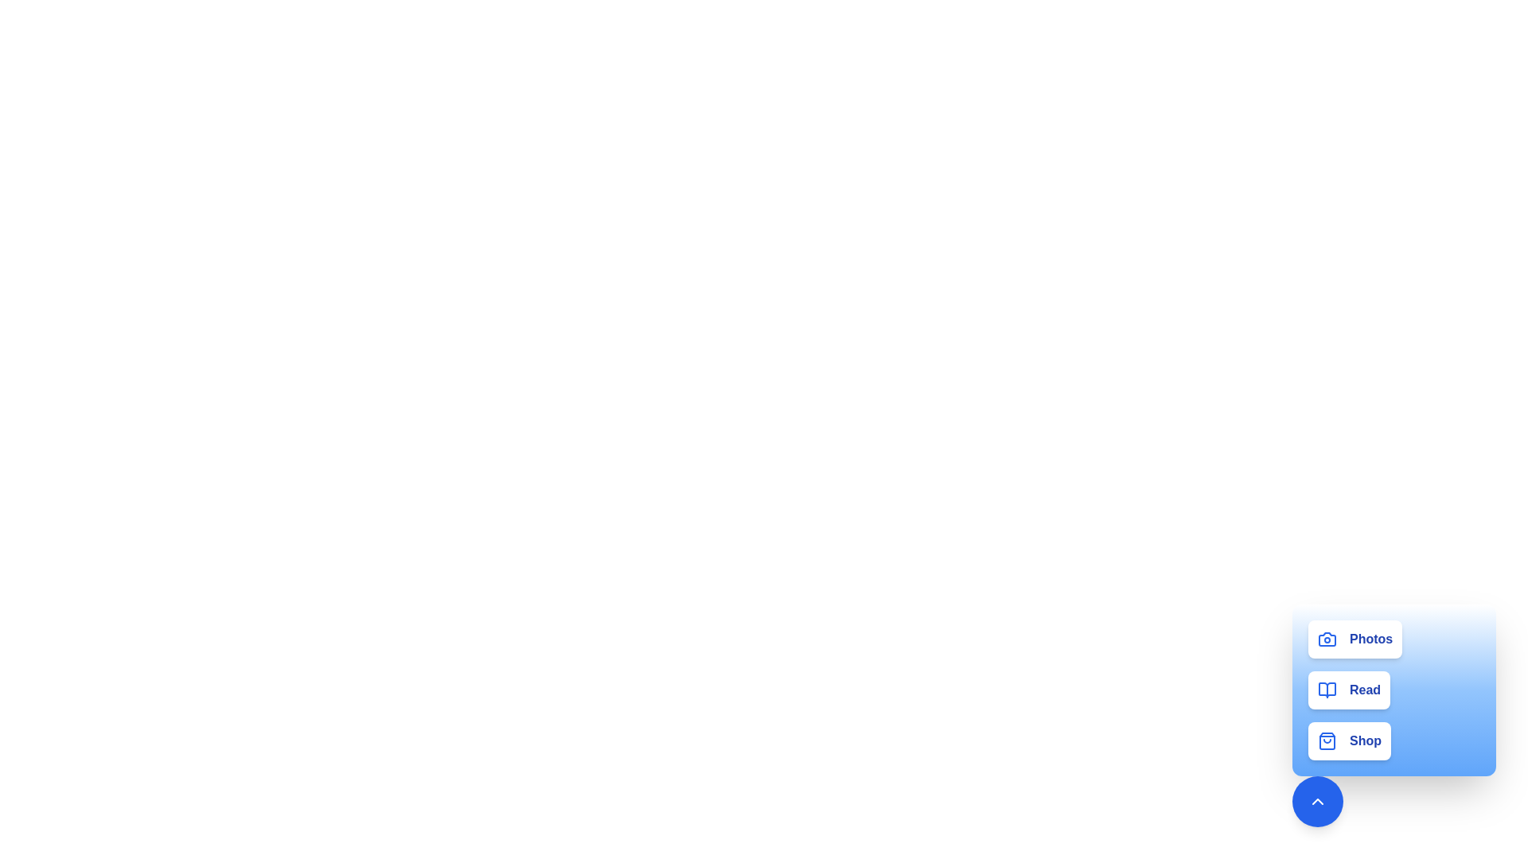 This screenshot has height=859, width=1528. Describe the element at coordinates (1318, 801) in the screenshot. I see `the button with the ChevronUp icon to collapse the activity list` at that location.